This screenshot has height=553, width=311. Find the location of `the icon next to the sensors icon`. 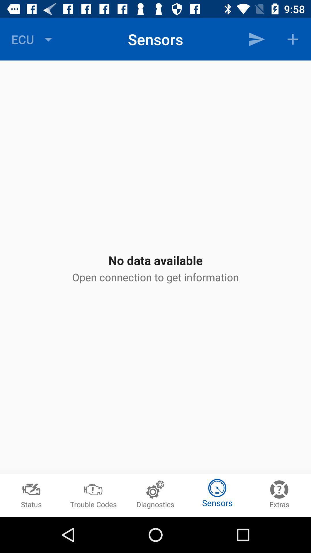

the icon next to the sensors icon is located at coordinates (33, 39).